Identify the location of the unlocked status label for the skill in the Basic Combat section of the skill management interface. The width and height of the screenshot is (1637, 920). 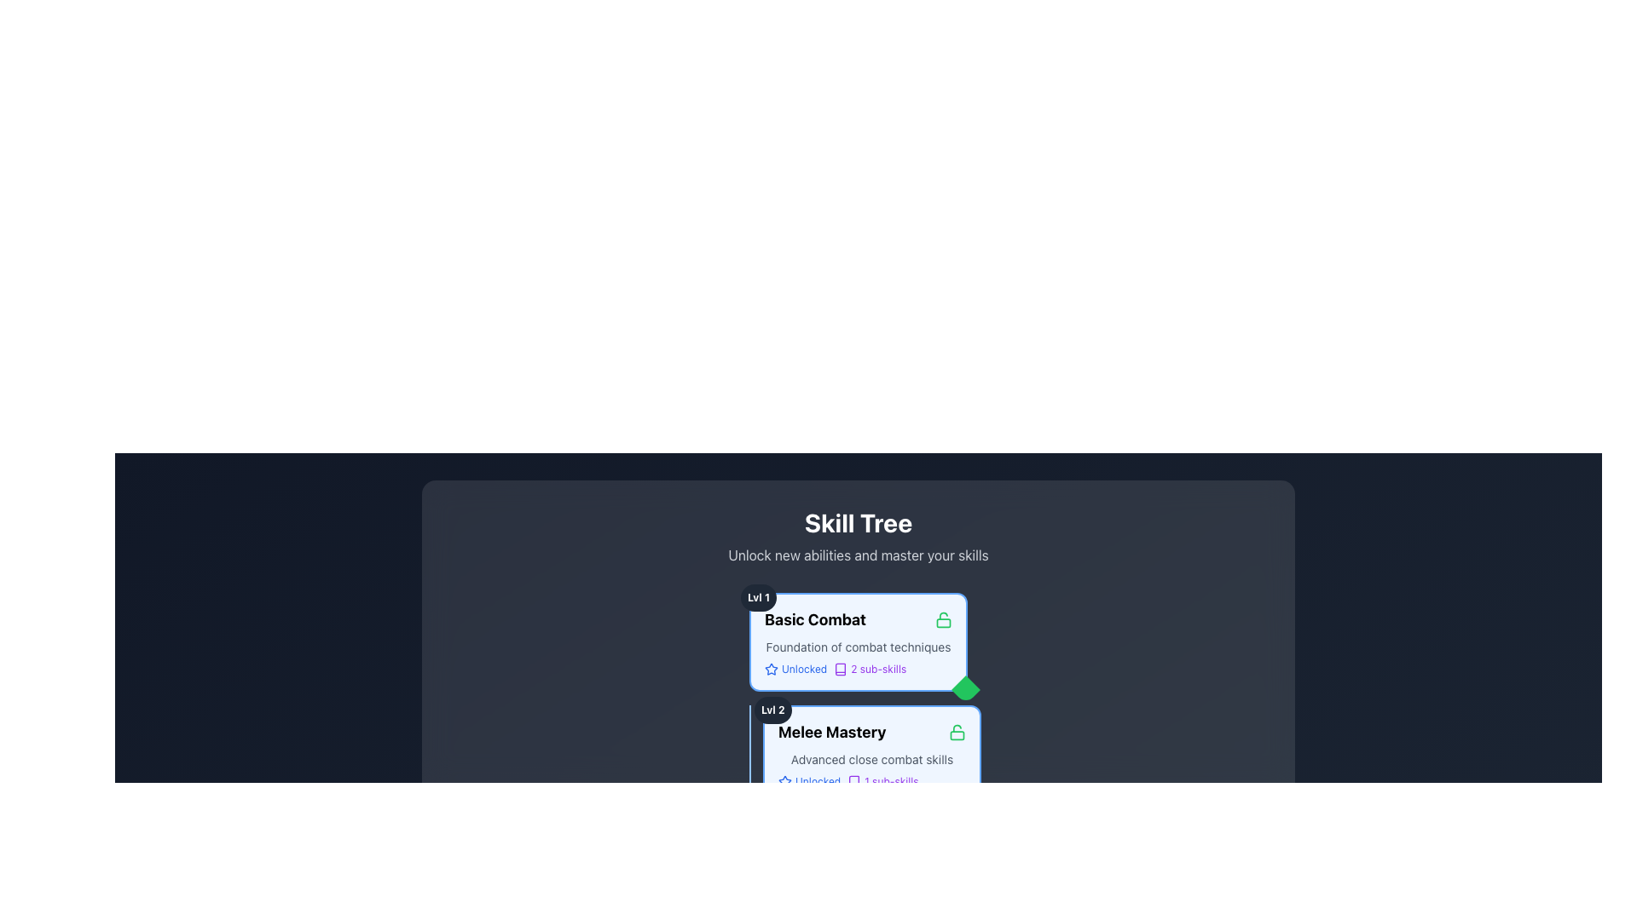
(795, 669).